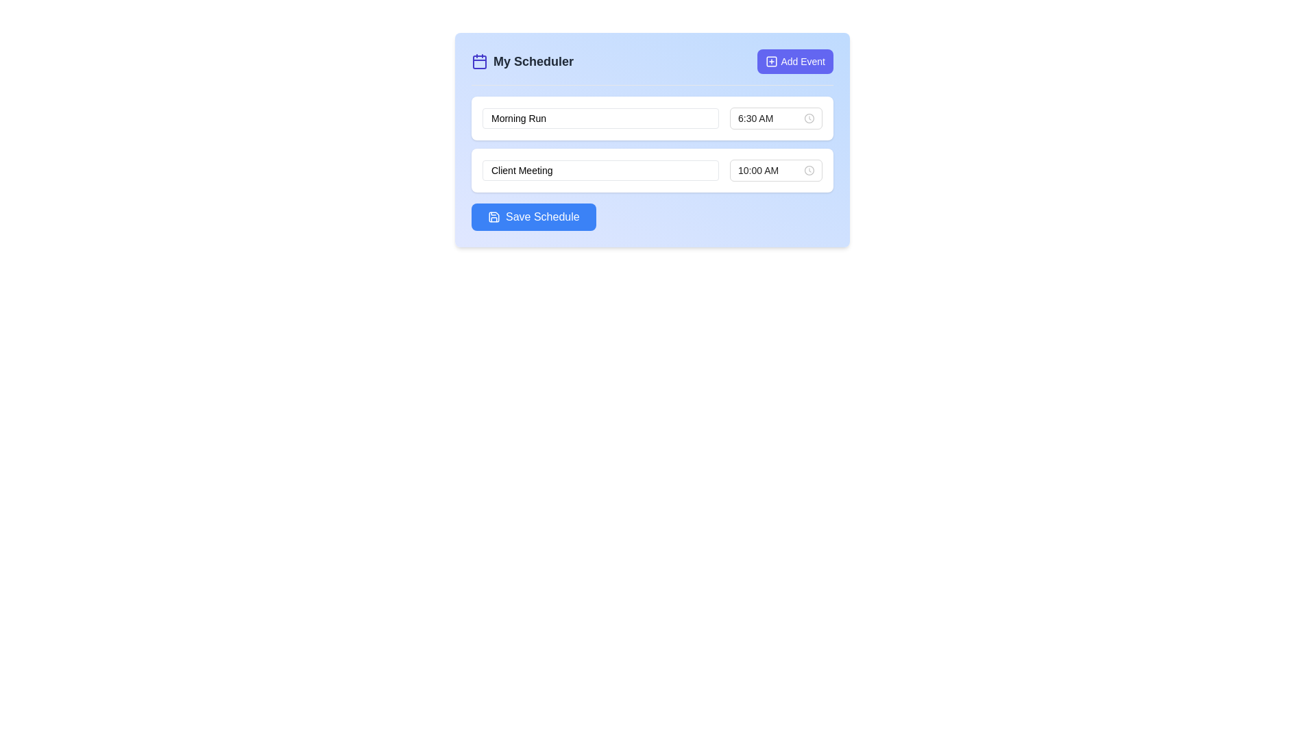 This screenshot has height=740, width=1316. I want to click on the calendar icon located at the top-left corner of the scheduler interface, next to the text 'My Scheduler', so click(480, 62).